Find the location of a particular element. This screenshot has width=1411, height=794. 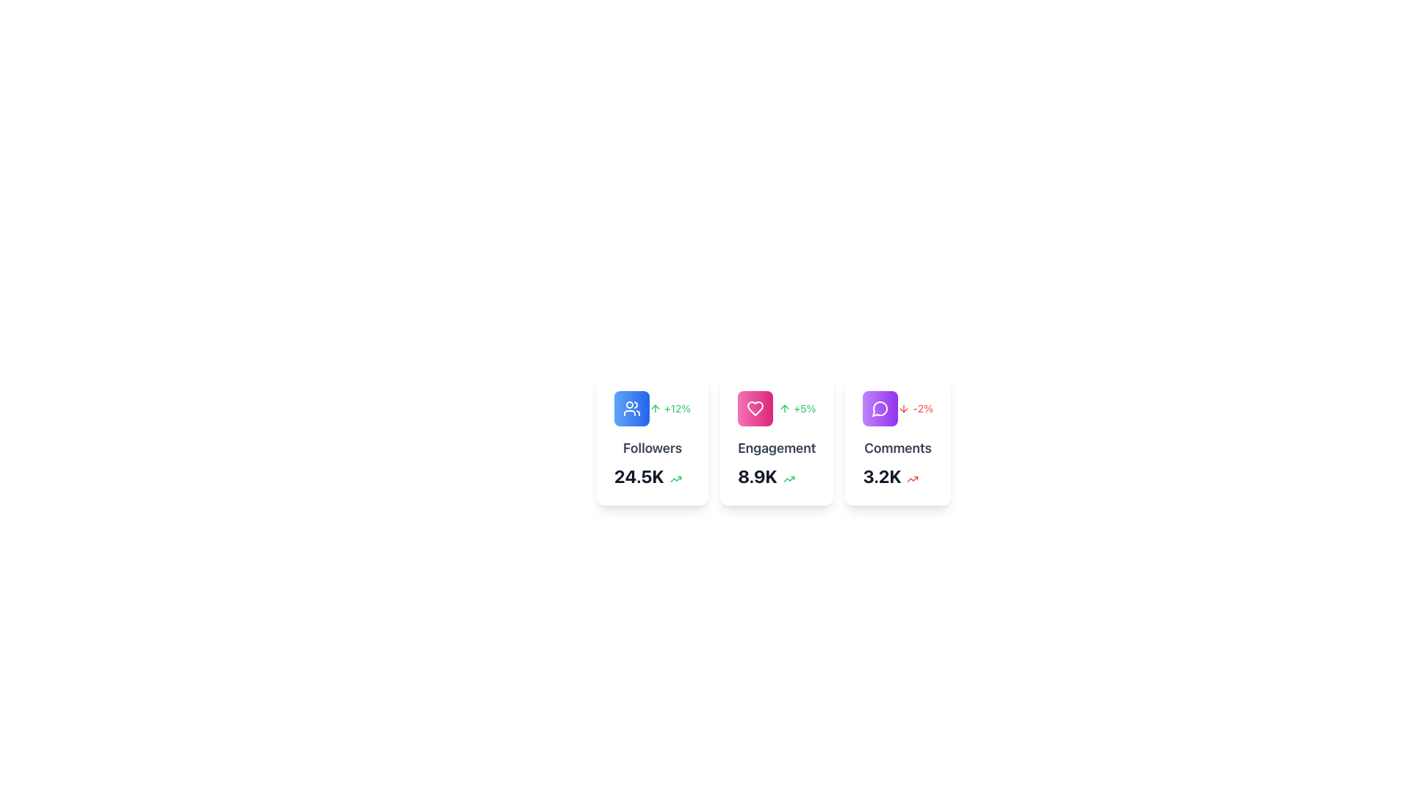

the downward trend icon located to the left of the '-2%' text in the top-right section of the 'Comments' card is located at coordinates (903, 408).